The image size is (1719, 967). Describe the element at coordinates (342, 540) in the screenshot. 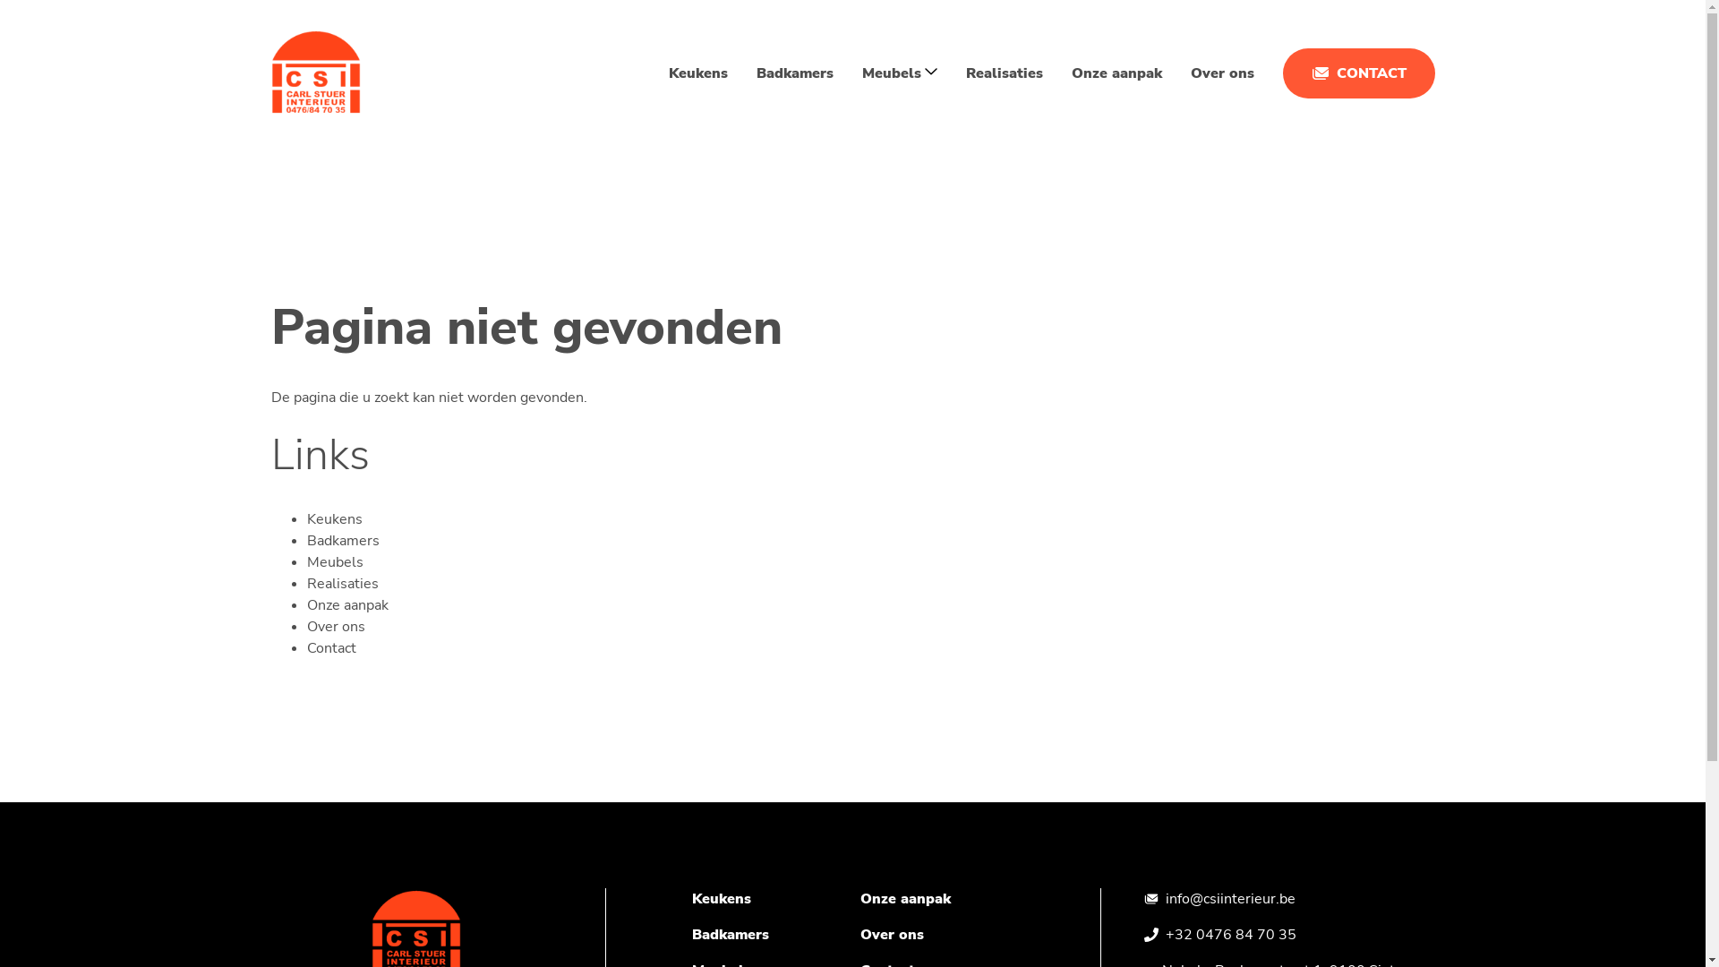

I see `'Badkamers'` at that location.